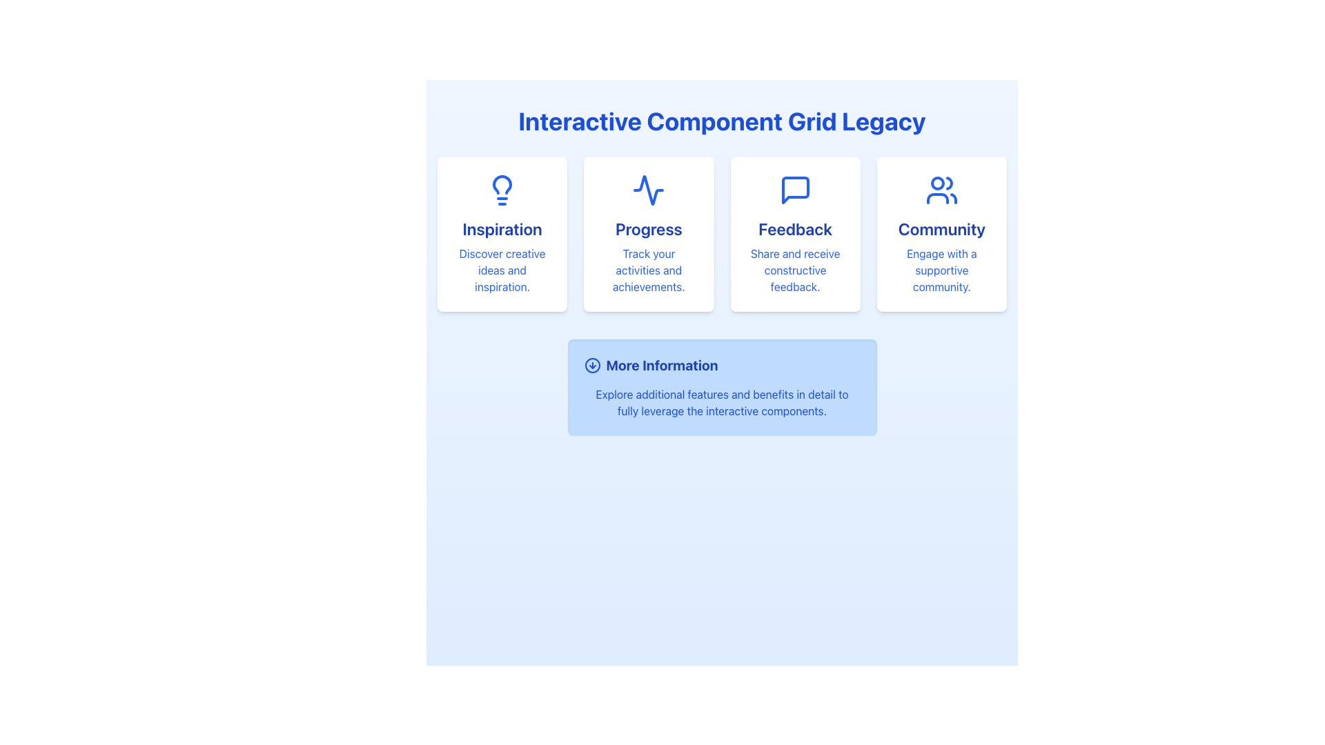 This screenshot has width=1325, height=745. What do you see at coordinates (592, 364) in the screenshot?
I see `the information icon located to the left of the text 'More Information' to gather contextual details about the section` at bounding box center [592, 364].